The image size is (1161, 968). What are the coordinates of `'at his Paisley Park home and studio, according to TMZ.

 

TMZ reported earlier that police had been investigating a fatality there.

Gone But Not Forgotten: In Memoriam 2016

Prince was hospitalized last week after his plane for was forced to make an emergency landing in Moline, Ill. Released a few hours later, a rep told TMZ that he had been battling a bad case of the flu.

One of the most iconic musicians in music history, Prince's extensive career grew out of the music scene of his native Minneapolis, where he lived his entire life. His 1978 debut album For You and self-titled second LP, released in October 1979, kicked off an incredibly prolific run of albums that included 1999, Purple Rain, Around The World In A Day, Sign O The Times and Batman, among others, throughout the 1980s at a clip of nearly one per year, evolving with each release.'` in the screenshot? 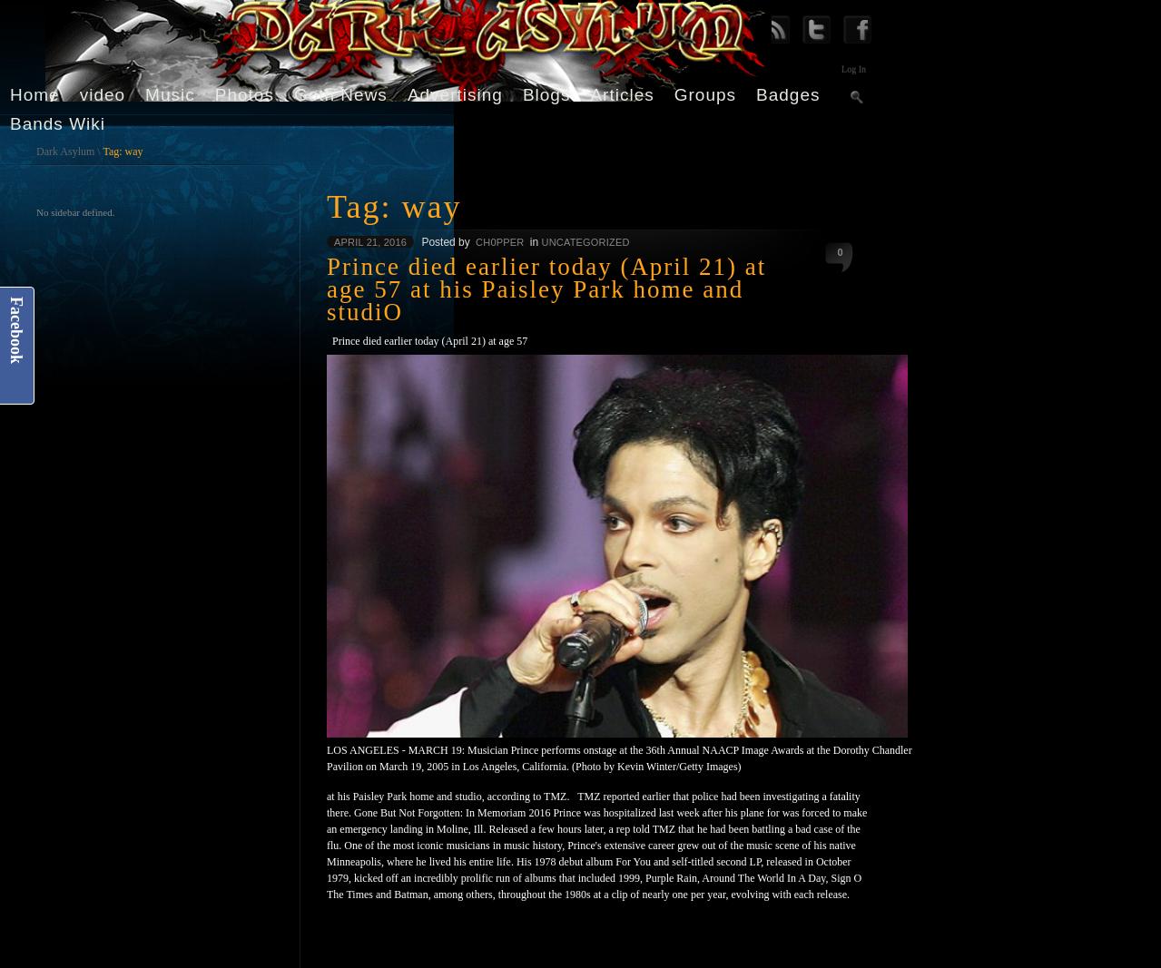 It's located at (595, 846).